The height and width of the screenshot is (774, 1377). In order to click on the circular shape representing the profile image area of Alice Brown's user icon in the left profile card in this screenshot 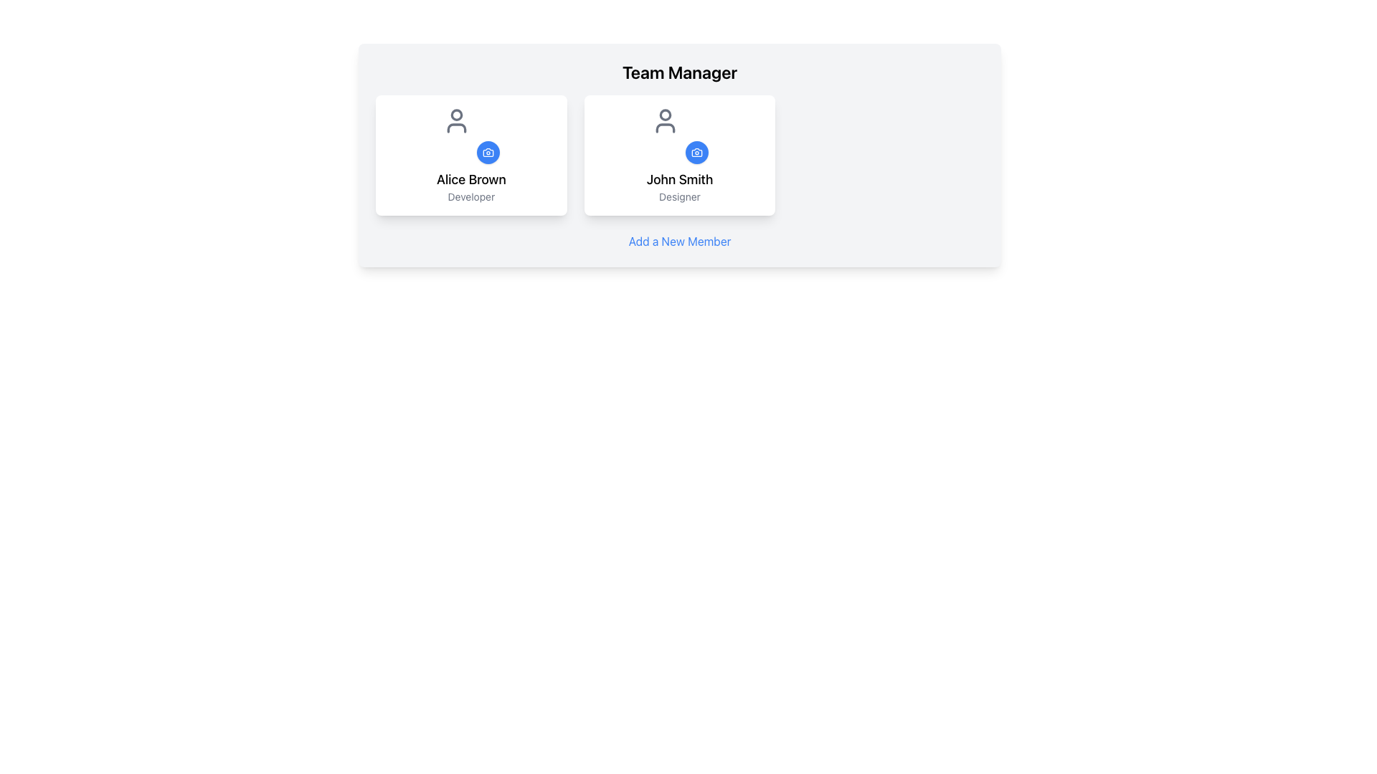, I will do `click(456, 114)`.